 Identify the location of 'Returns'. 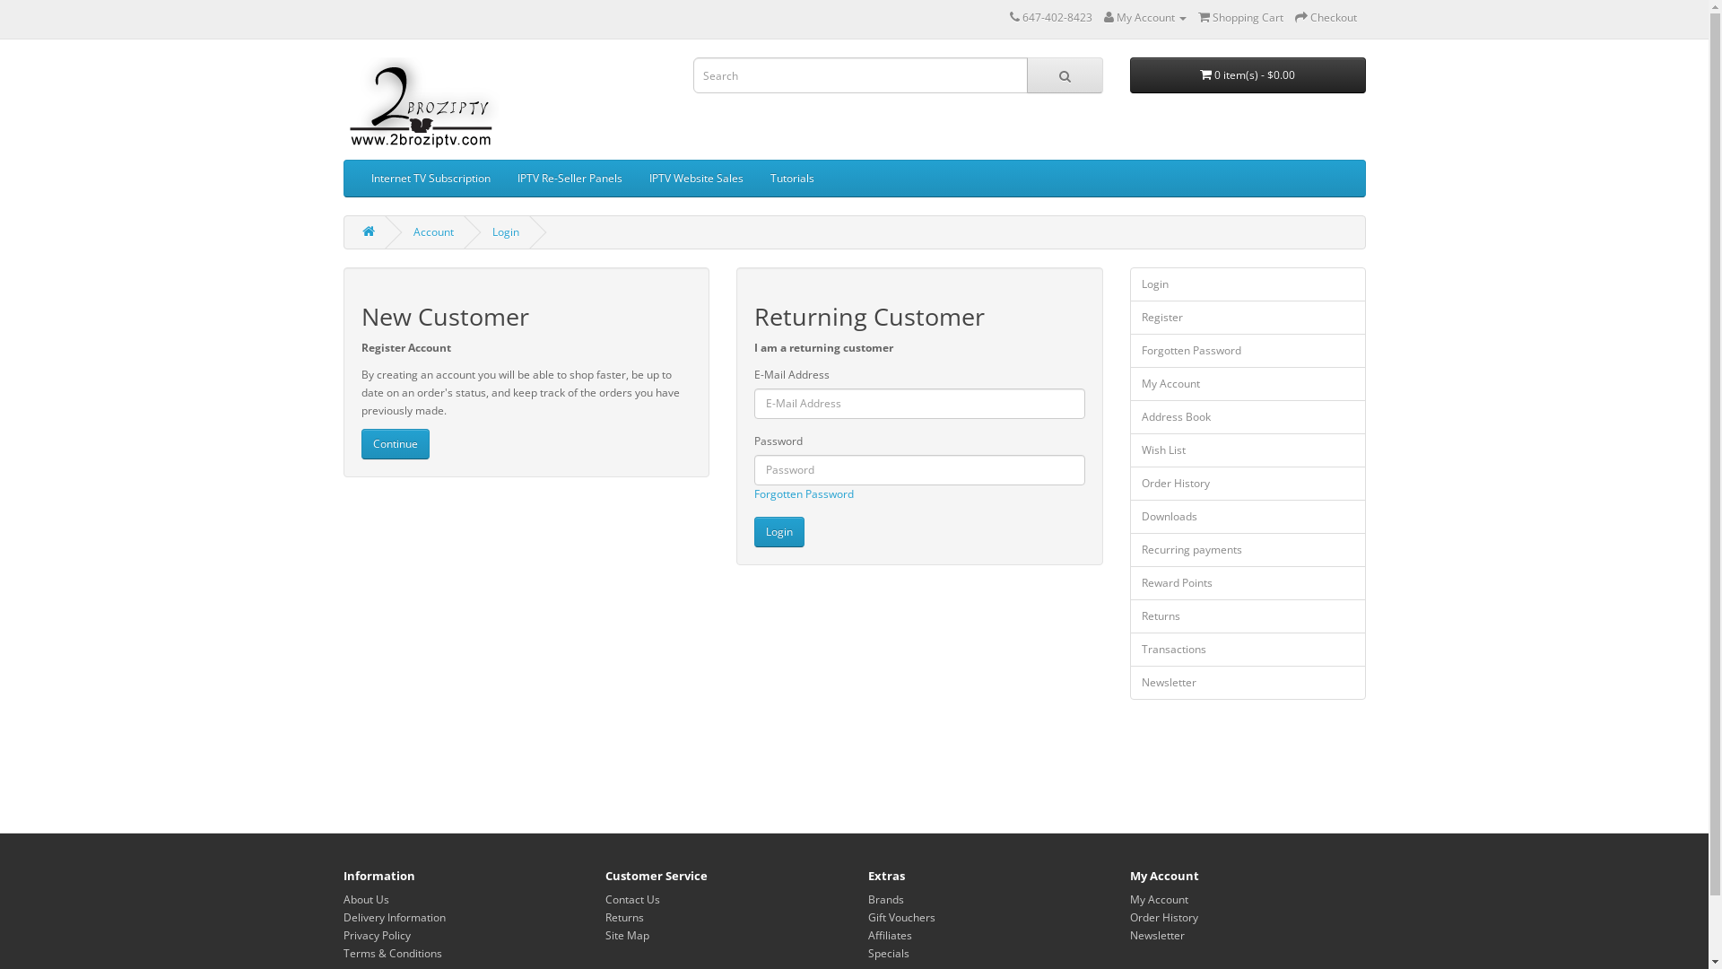
(624, 917).